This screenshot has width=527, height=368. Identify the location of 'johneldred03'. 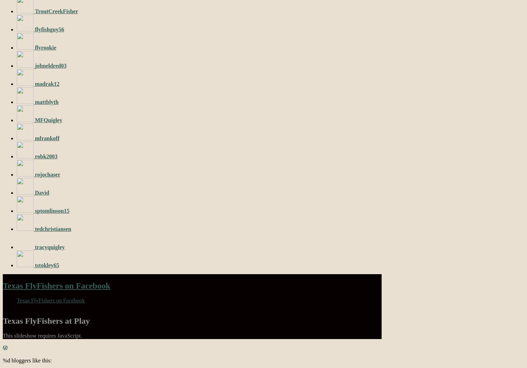
(51, 65).